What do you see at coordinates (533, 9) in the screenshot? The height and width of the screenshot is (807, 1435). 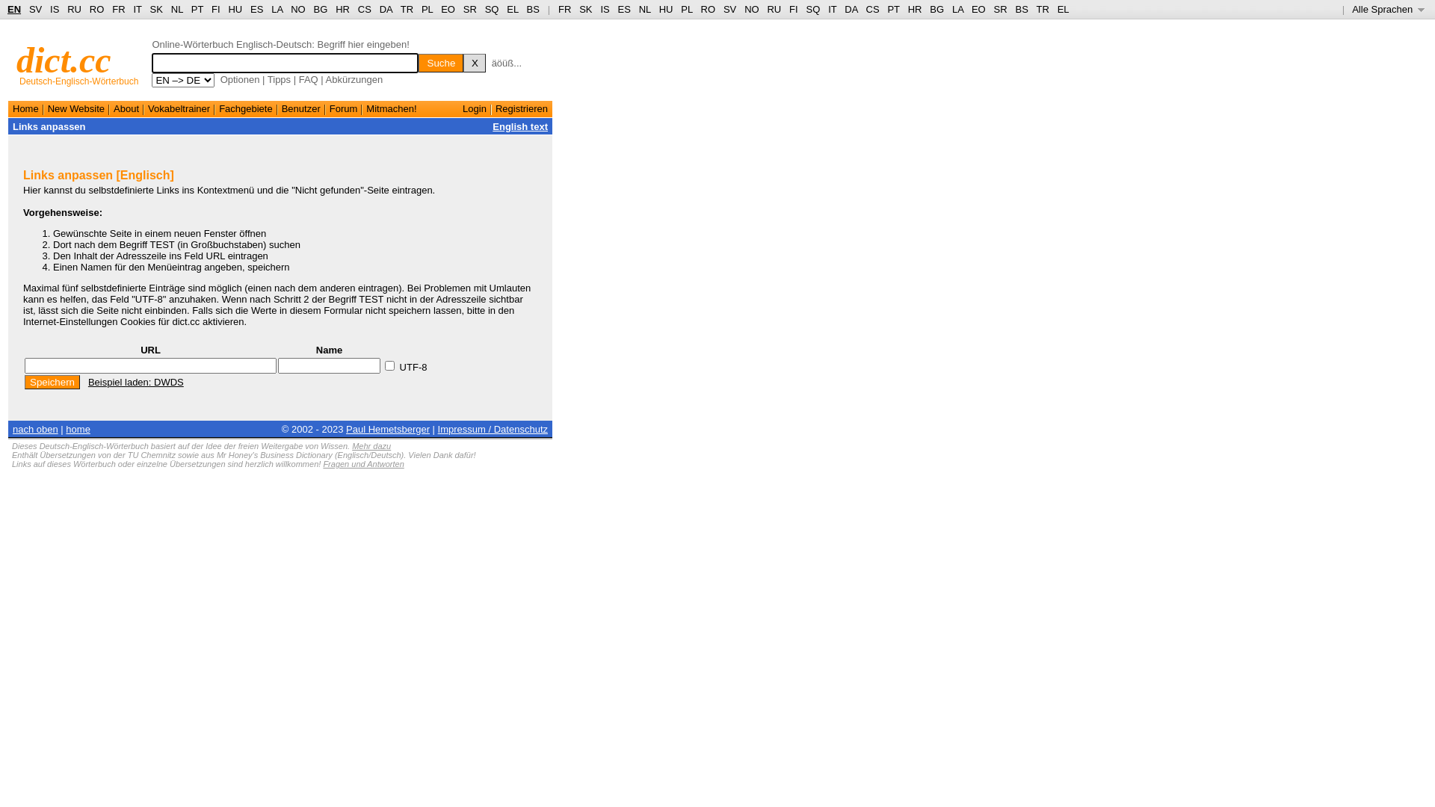 I see `'BS'` at bounding box center [533, 9].